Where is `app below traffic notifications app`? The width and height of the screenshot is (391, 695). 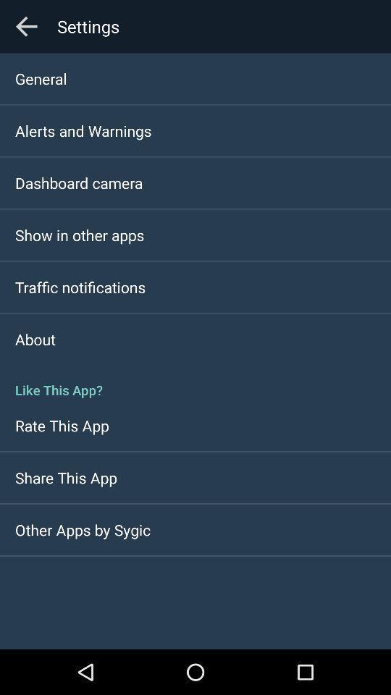
app below traffic notifications app is located at coordinates (35, 339).